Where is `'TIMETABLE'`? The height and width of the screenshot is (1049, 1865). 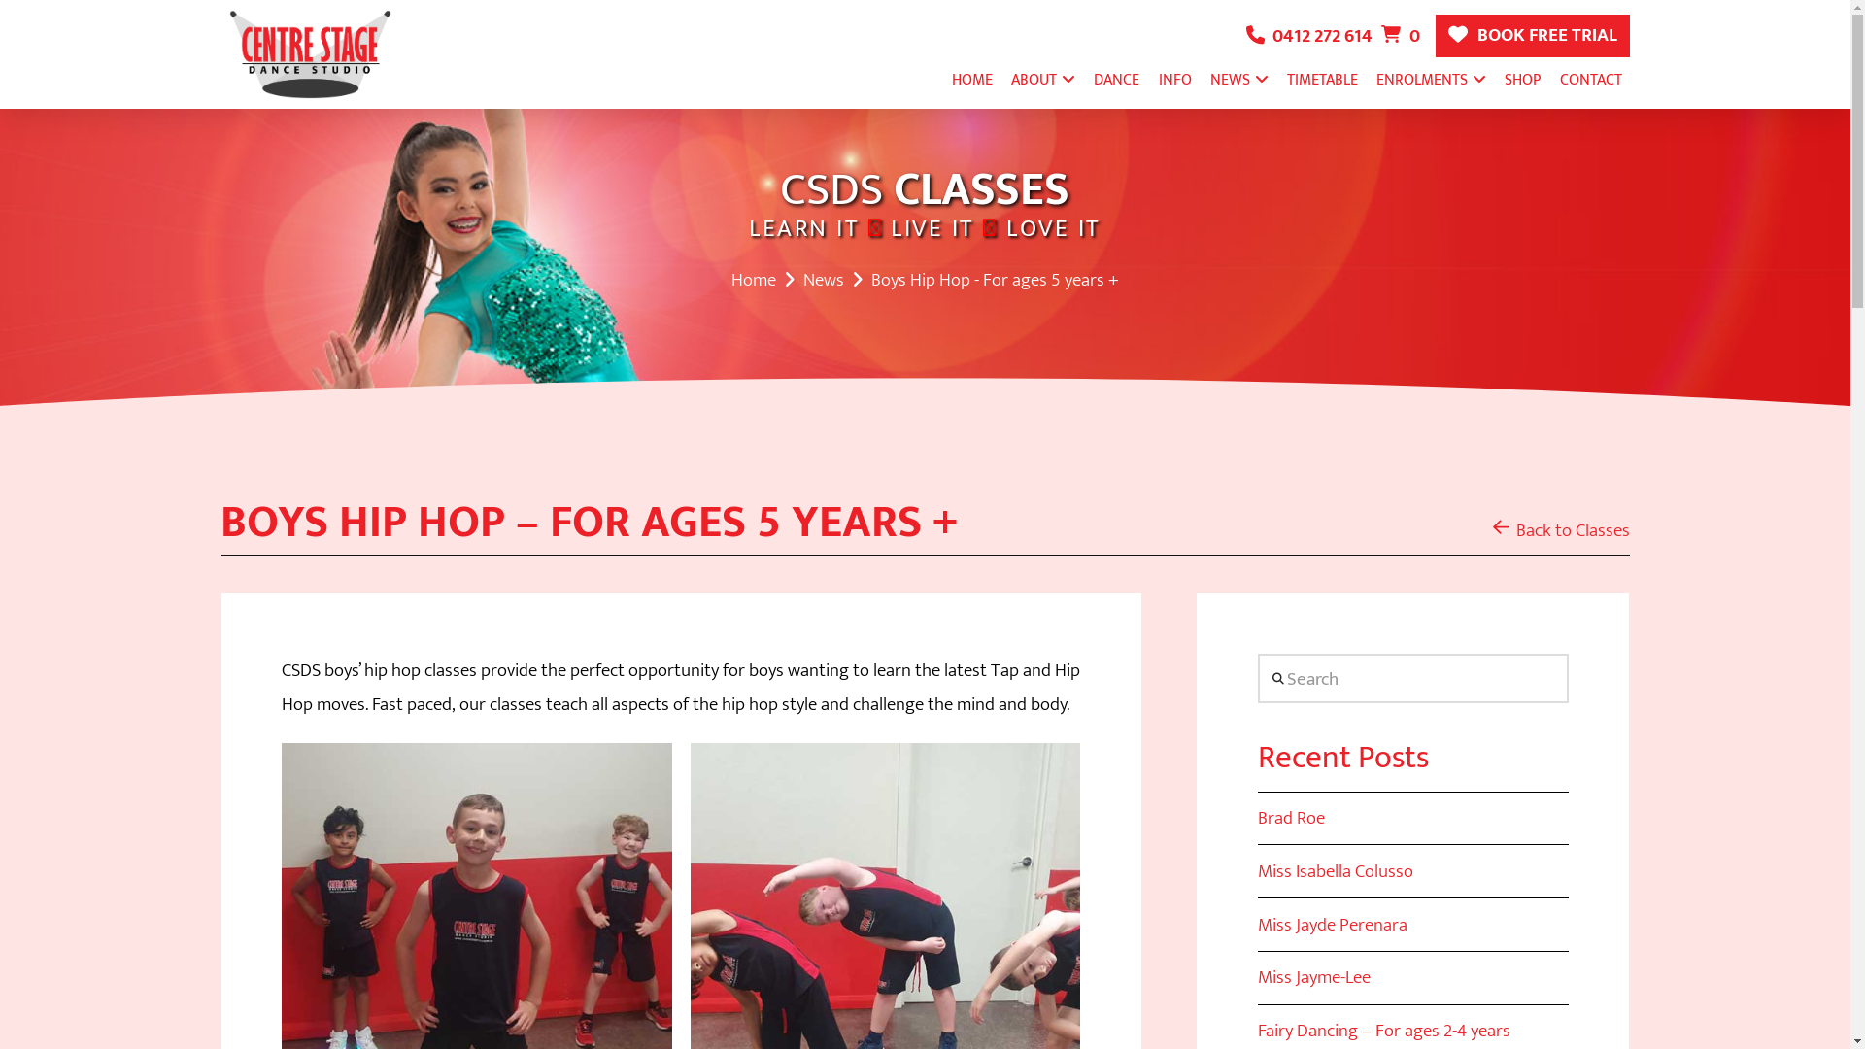 'TIMETABLE' is located at coordinates (1321, 78).